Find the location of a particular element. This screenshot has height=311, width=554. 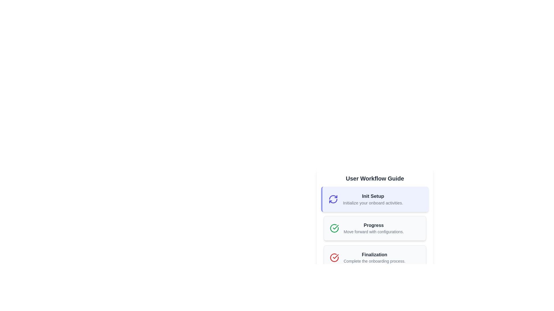

the checkmark icon indicating the completion of the 'Progress' step in the onboarding workflow is located at coordinates (336, 227).